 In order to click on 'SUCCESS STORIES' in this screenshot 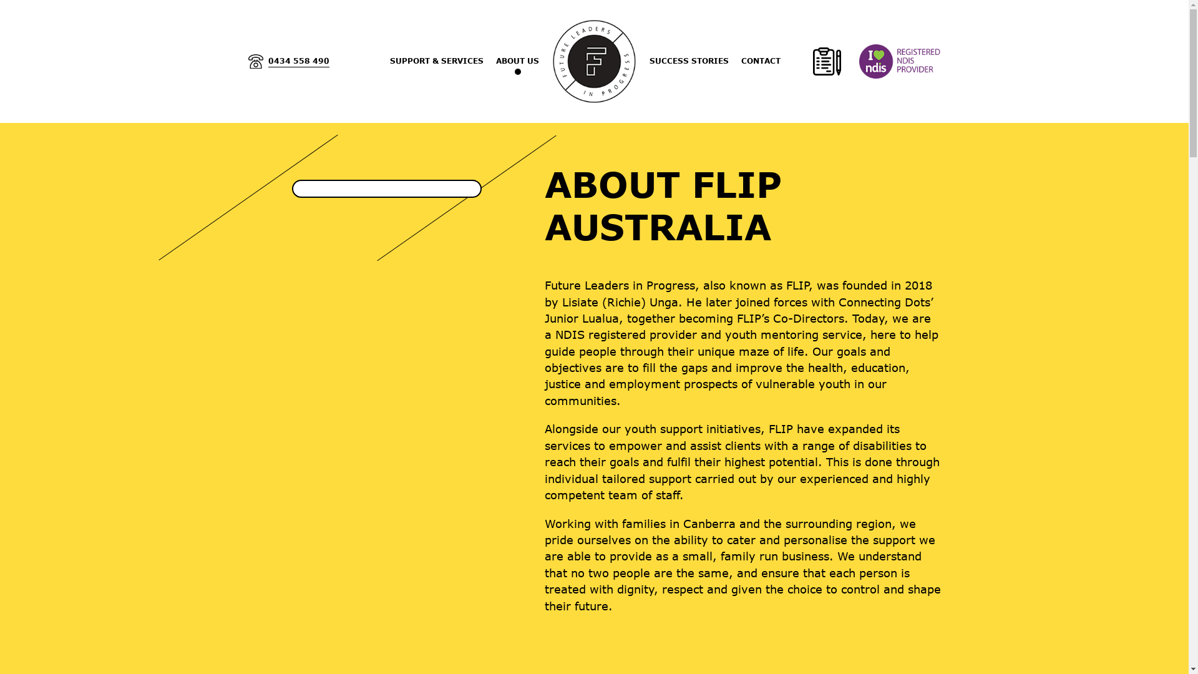, I will do `click(688, 61)`.